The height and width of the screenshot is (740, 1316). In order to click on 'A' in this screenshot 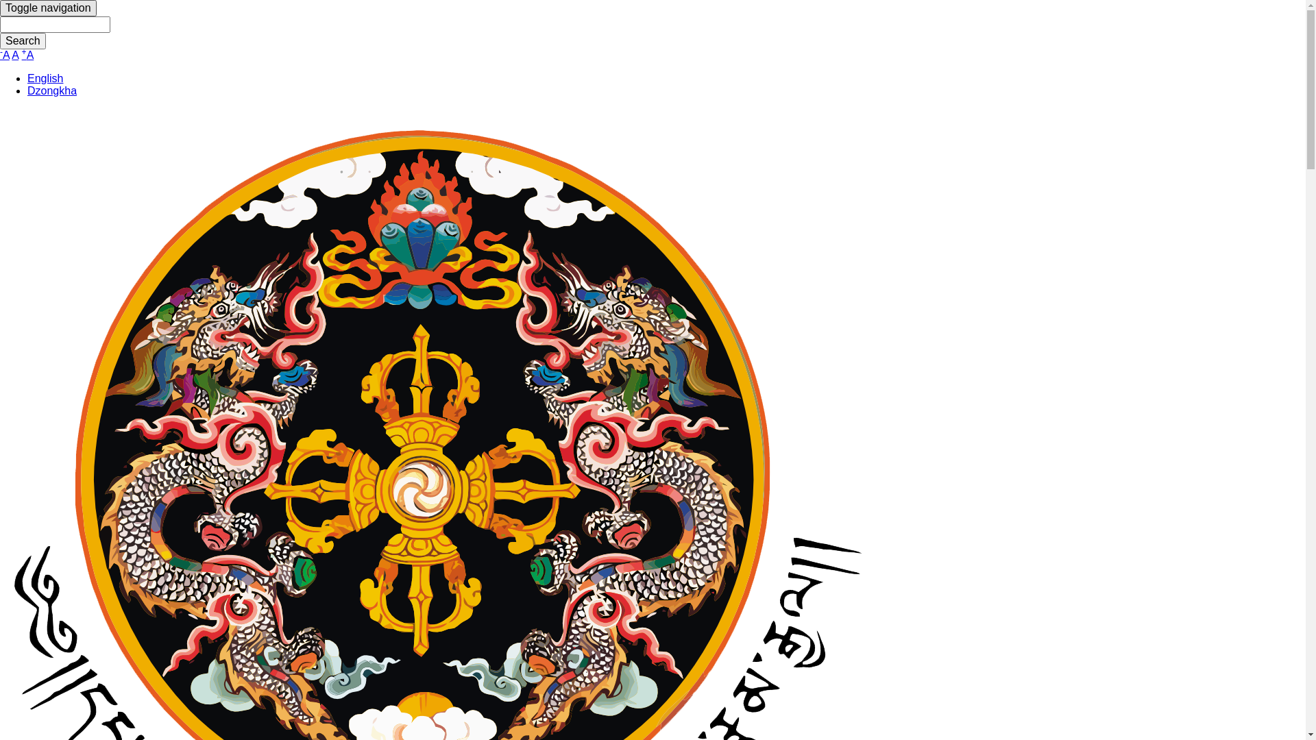, I will do `click(12, 54)`.